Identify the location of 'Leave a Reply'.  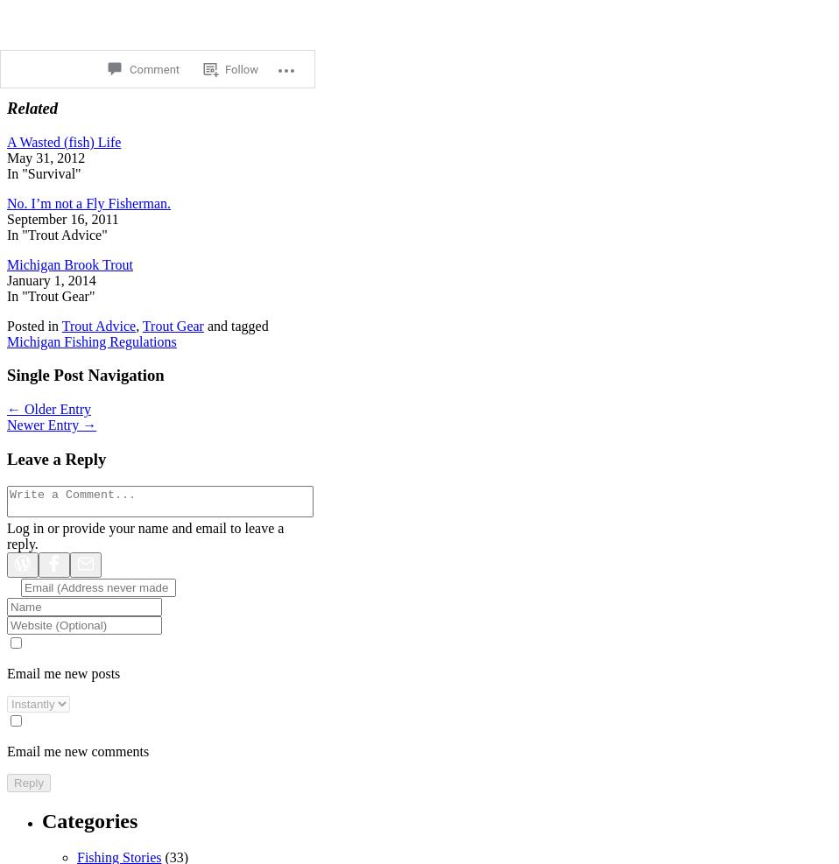
(6, 458).